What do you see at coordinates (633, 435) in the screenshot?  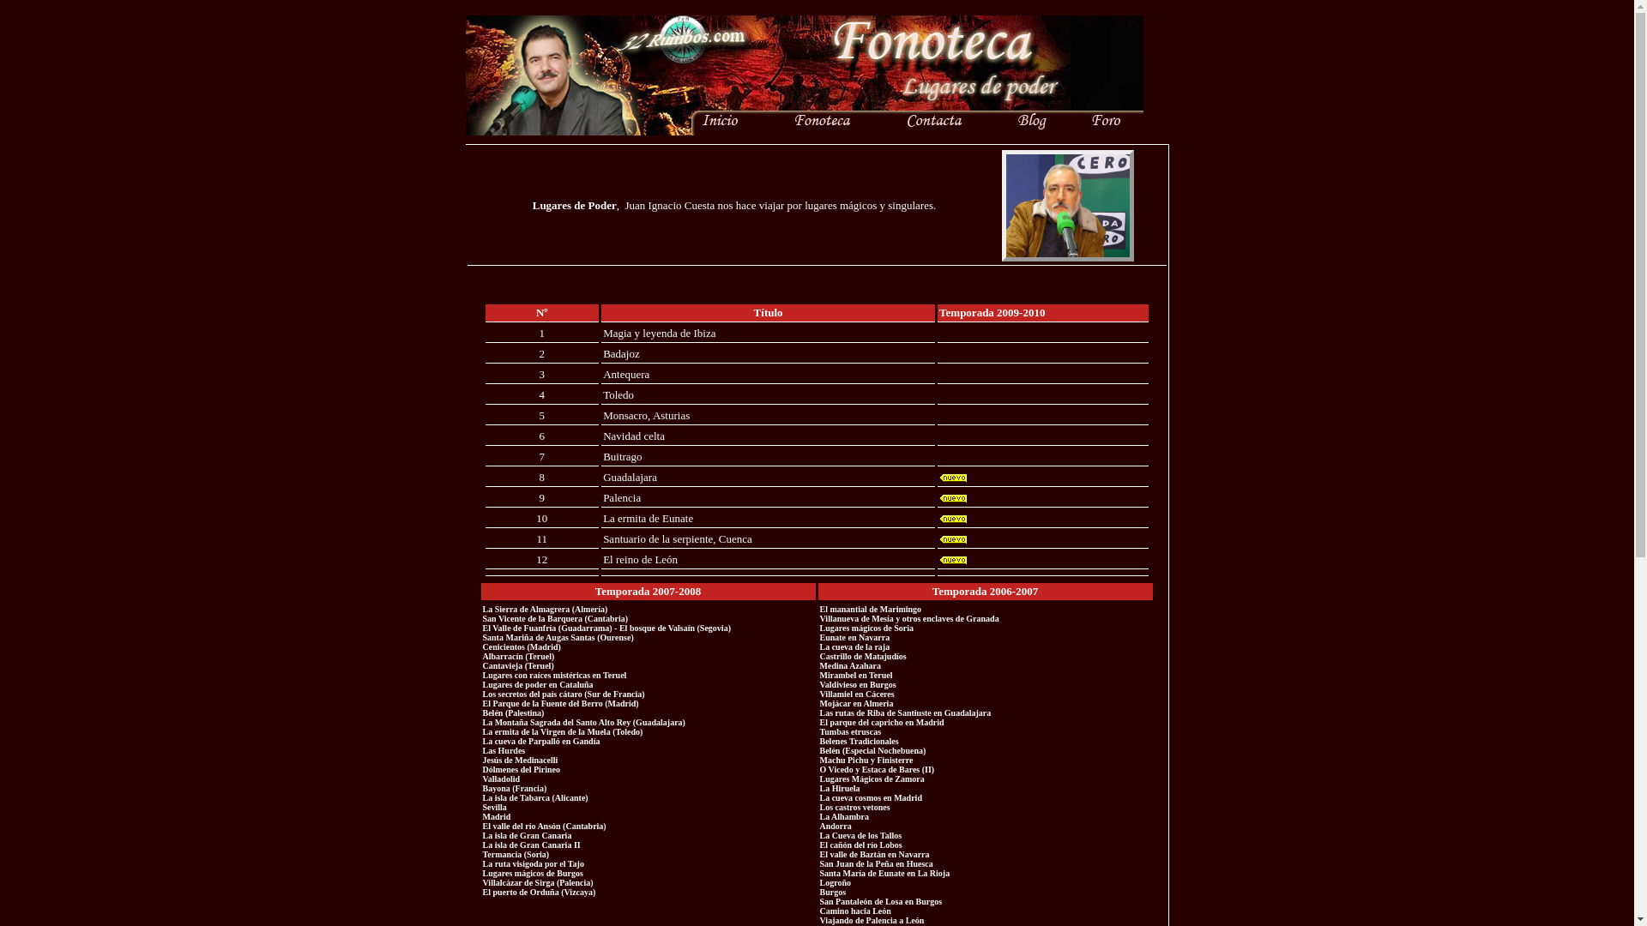 I see `'Navidad celta'` at bounding box center [633, 435].